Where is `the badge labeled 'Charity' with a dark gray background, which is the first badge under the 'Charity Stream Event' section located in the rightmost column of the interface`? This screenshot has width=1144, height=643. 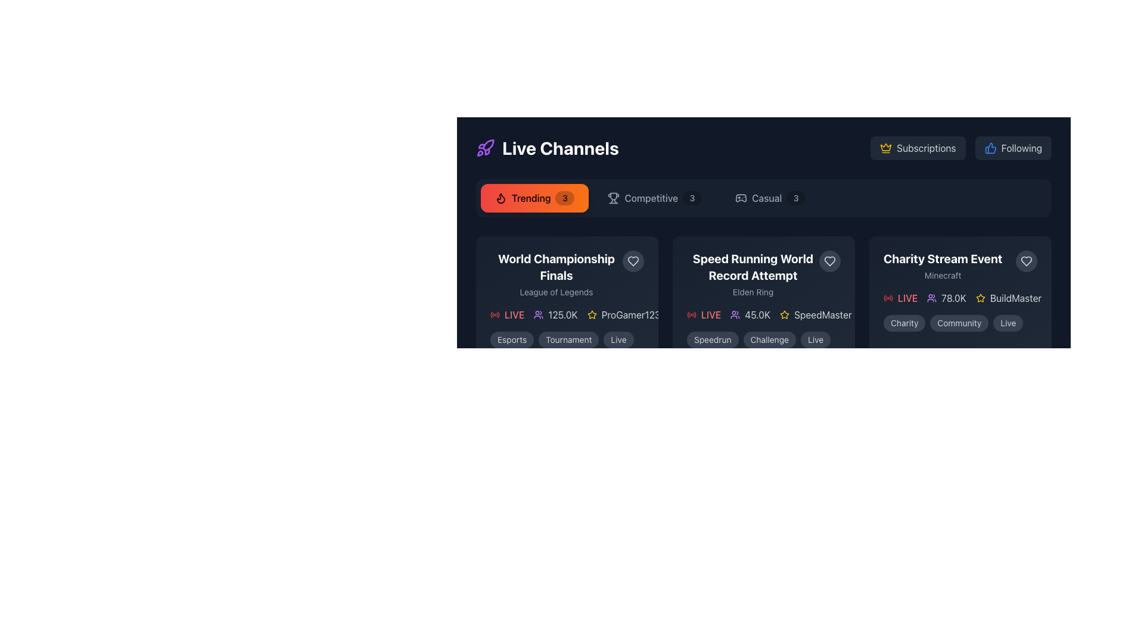 the badge labeled 'Charity' with a dark gray background, which is the first badge under the 'Charity Stream Event' section located in the rightmost column of the interface is located at coordinates (904, 323).